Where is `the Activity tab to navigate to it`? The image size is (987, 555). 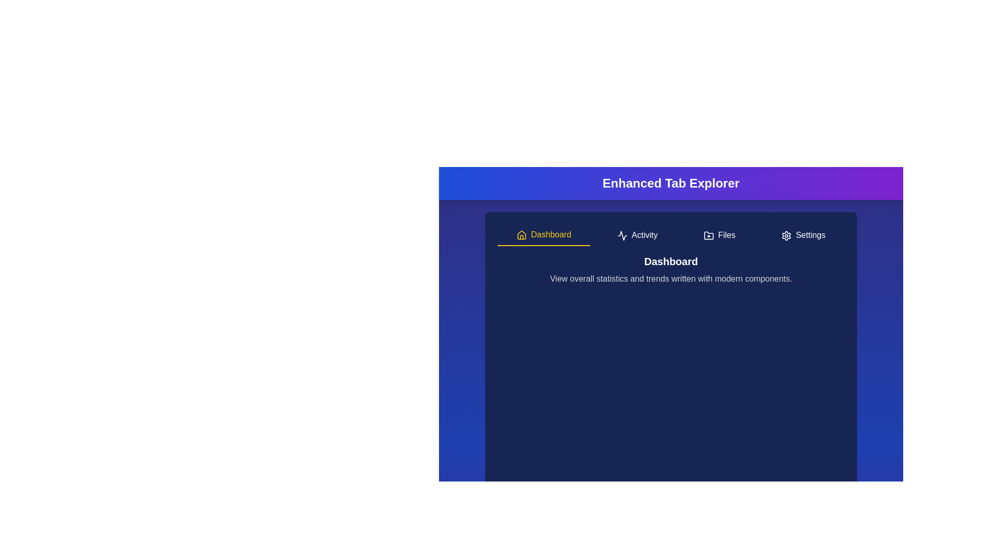 the Activity tab to navigate to it is located at coordinates (637, 235).